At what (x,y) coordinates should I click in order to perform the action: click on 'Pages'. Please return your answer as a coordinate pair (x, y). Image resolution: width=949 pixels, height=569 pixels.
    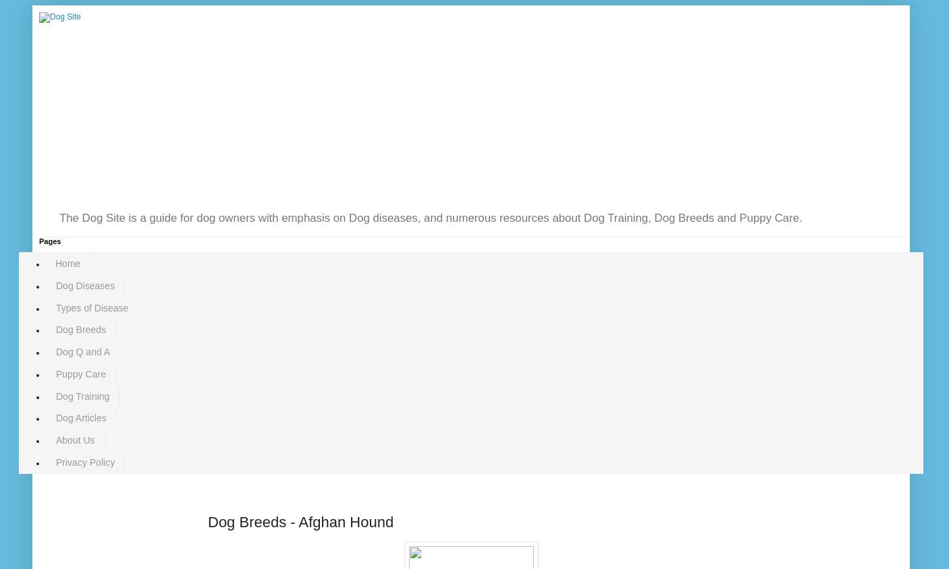
    Looking at the image, I should click on (49, 241).